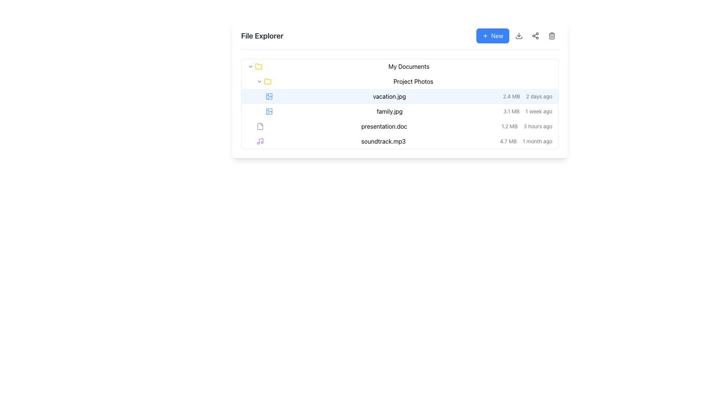  Describe the element at coordinates (400, 66) in the screenshot. I see `the first Navigation Item, which is a folder entry for 'My Documents'` at that location.